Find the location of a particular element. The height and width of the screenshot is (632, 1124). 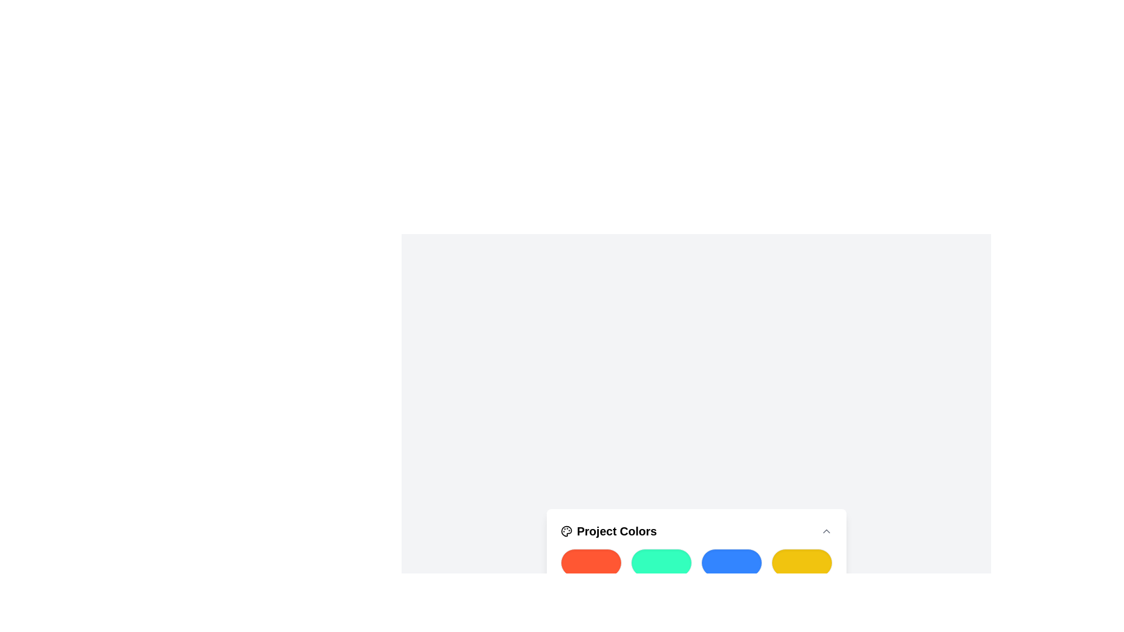

the static Text element with inline icon that serves as a header for the section indicating 'Project Colors' is located at coordinates (608, 531).